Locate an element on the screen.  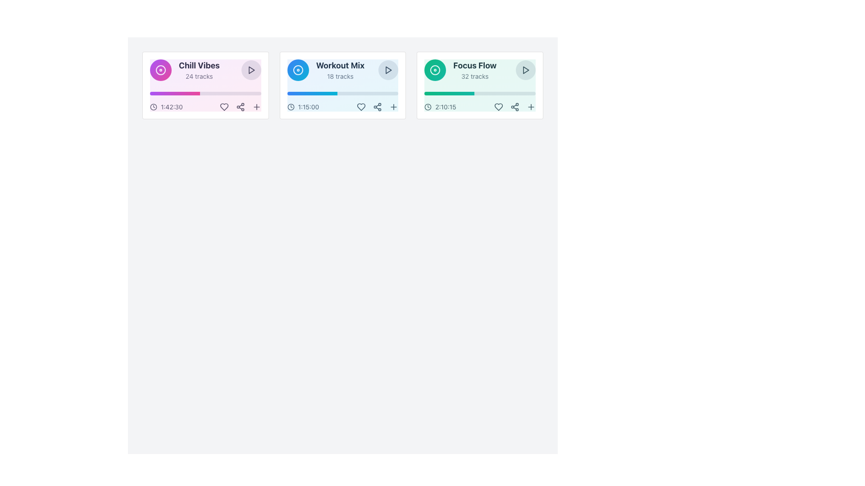
text label located at the top-right card in the grid layout, which provides the title and additional detail about the playlist or content card is located at coordinates (474, 69).